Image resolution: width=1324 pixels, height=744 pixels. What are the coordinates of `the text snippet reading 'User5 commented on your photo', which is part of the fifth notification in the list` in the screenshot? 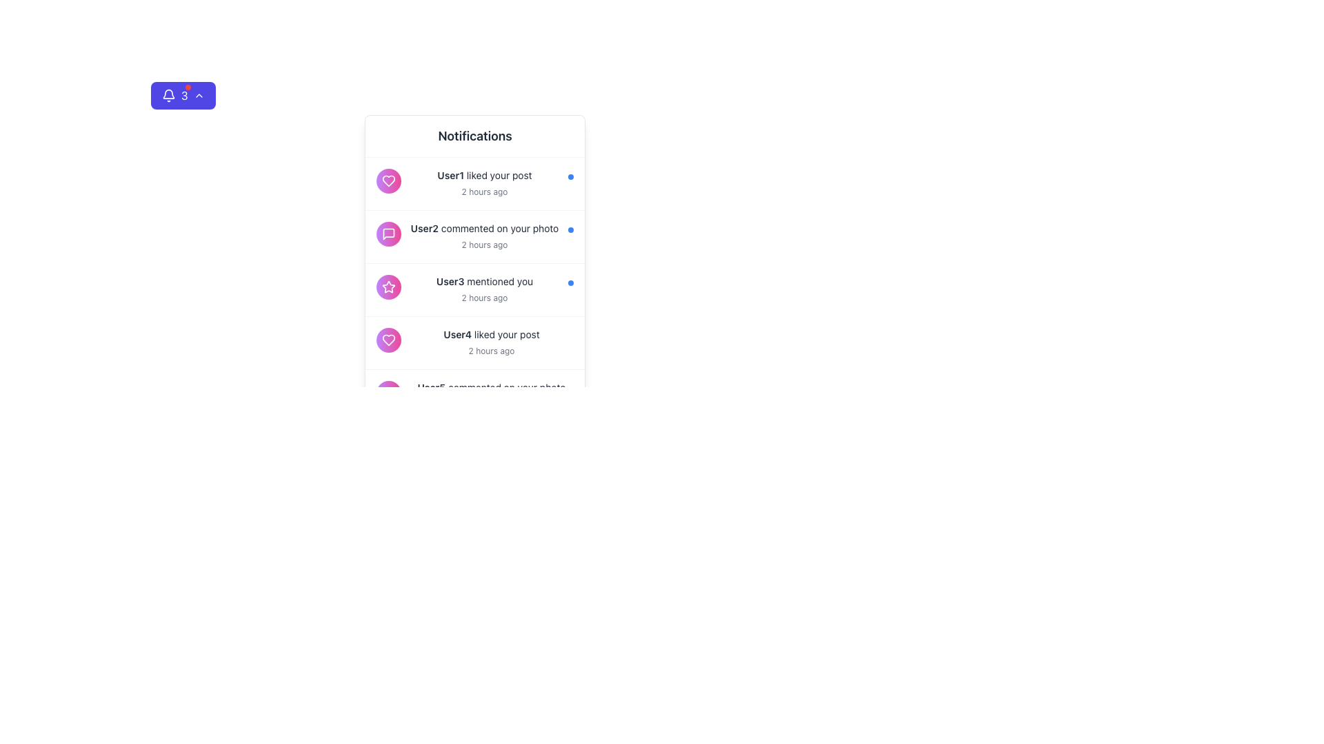 It's located at (492, 388).